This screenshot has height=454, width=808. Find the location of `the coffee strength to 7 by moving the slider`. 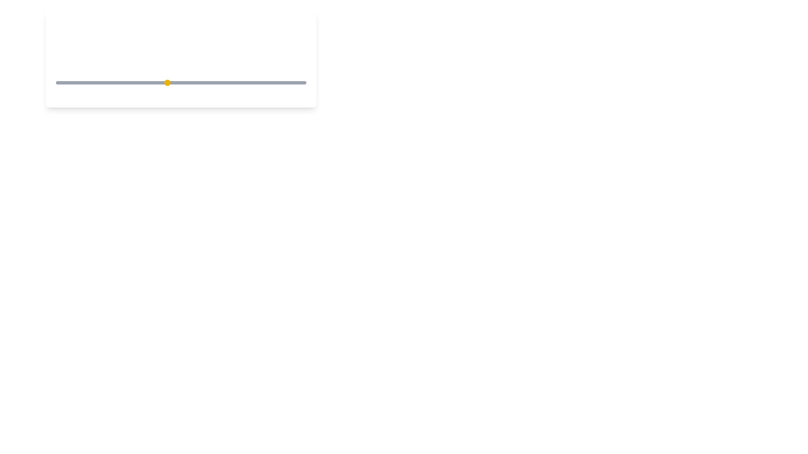

the coffee strength to 7 by moving the slider is located at coordinates (223, 82).